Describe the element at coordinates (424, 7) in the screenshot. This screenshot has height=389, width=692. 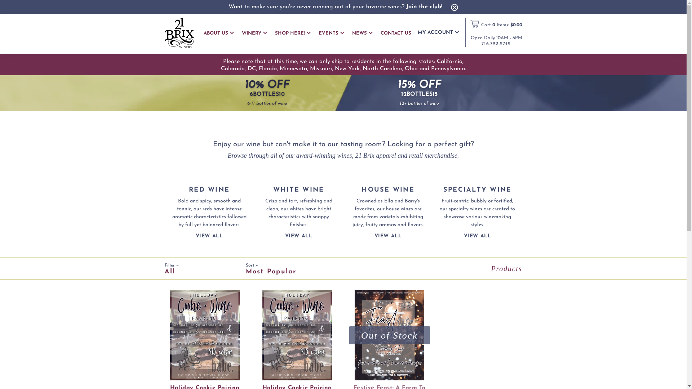
I see `'Join the club!'` at that location.